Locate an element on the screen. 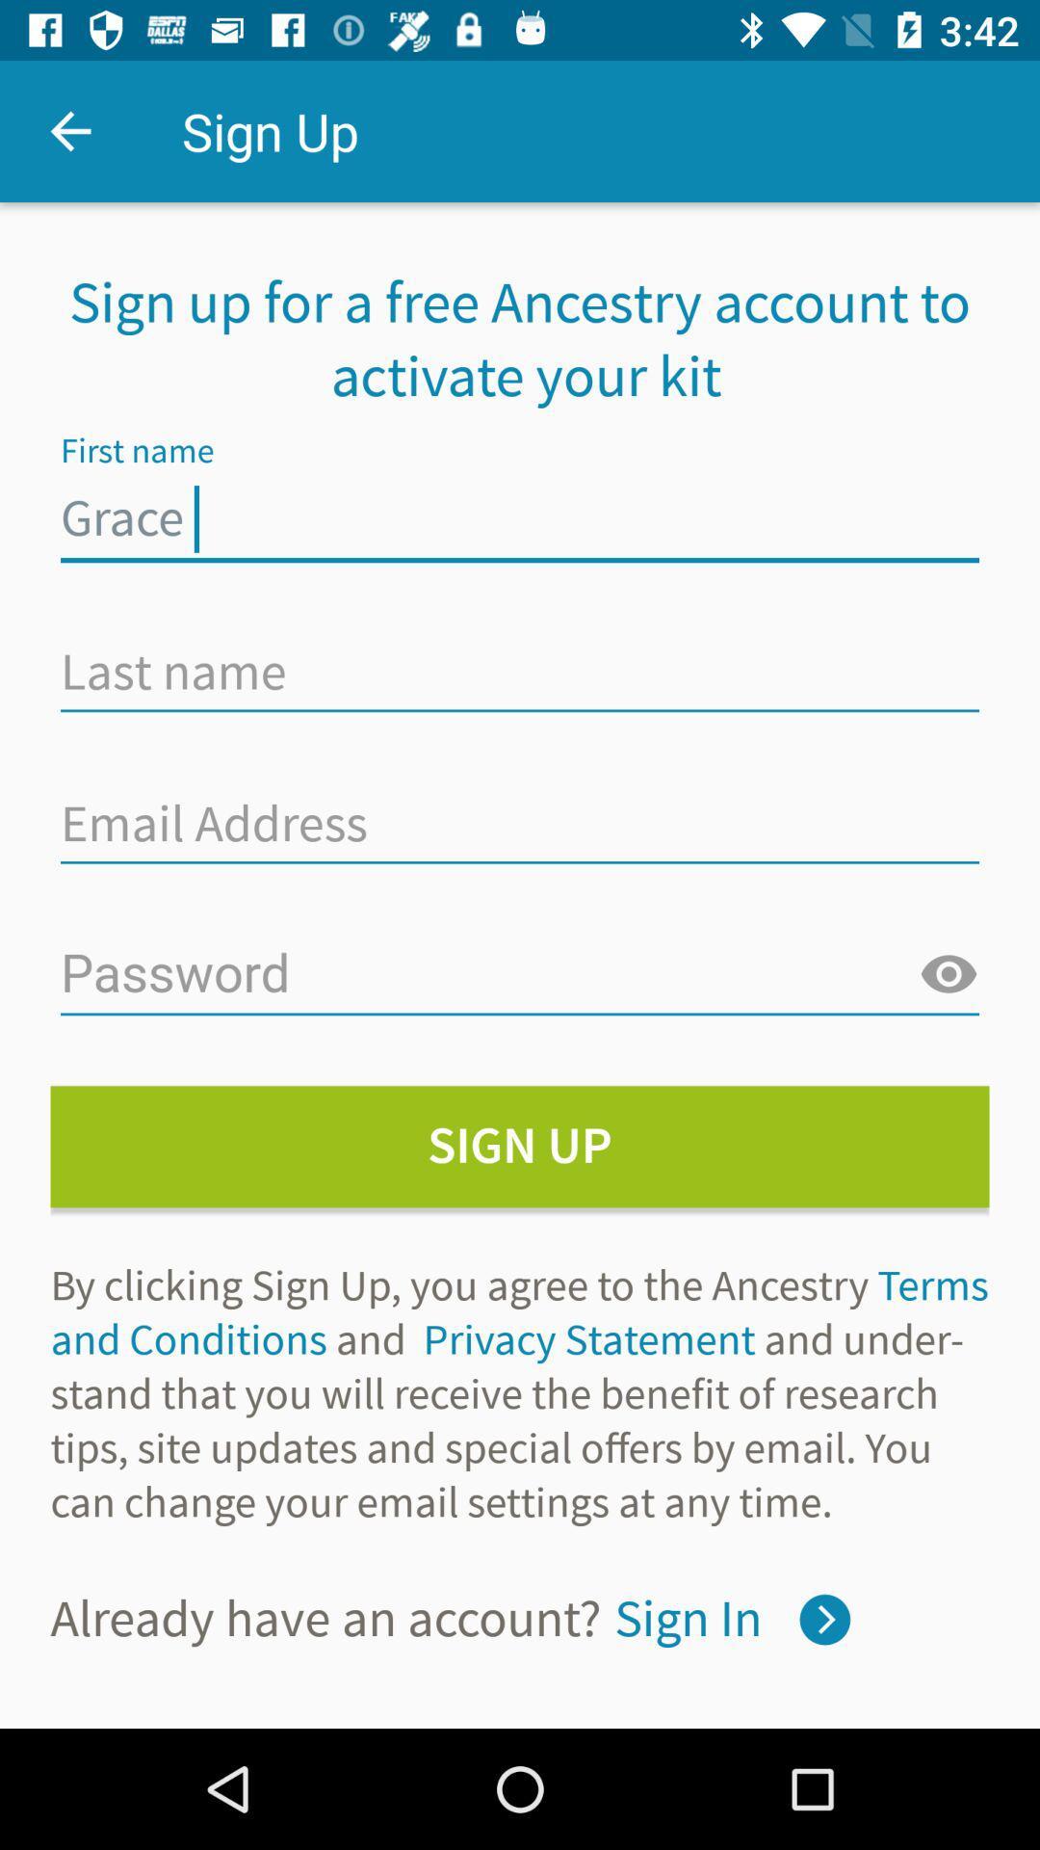 This screenshot has height=1850, width=1040. go next is located at coordinates (823, 1619).